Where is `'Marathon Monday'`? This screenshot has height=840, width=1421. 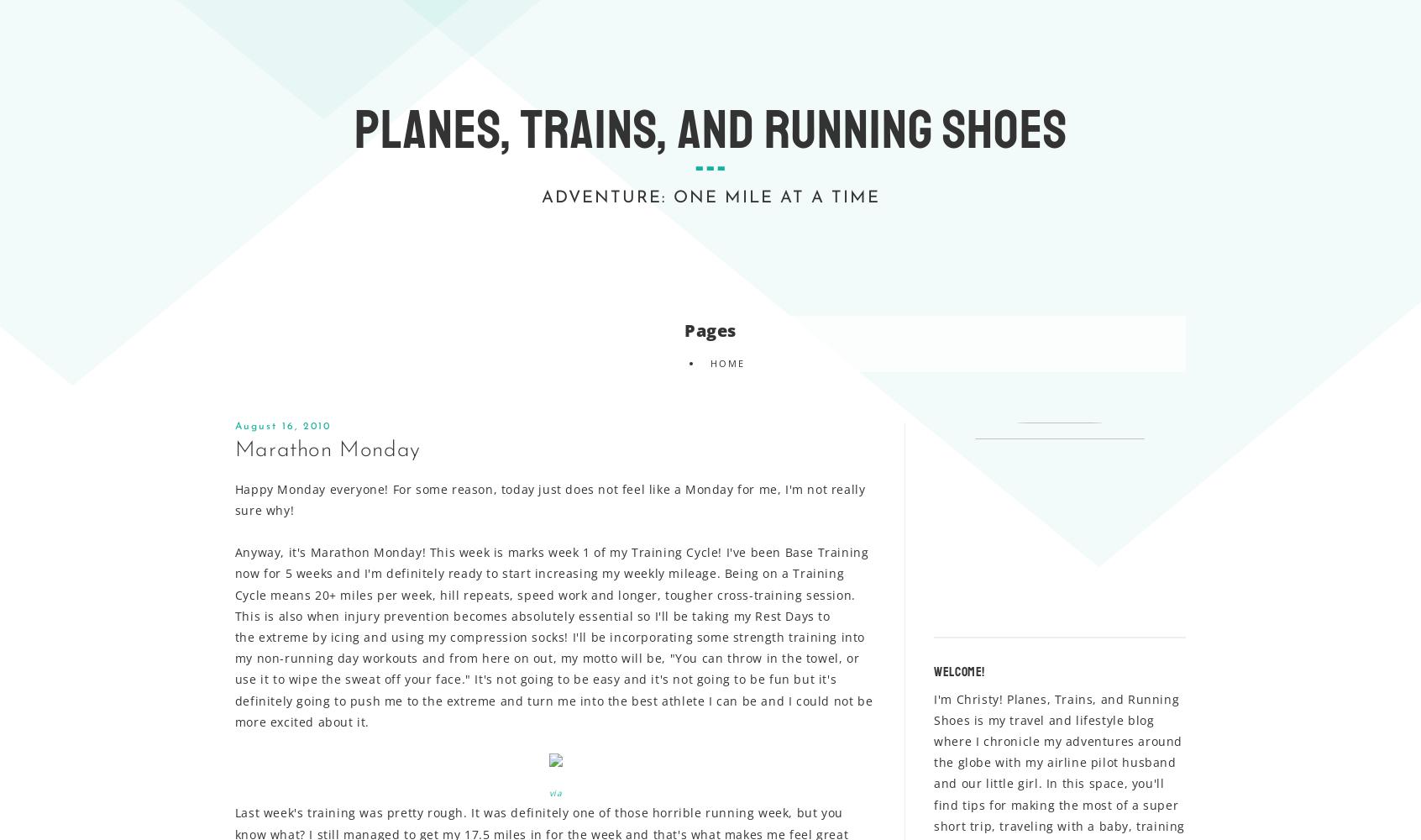 'Marathon Monday' is located at coordinates (327, 449).